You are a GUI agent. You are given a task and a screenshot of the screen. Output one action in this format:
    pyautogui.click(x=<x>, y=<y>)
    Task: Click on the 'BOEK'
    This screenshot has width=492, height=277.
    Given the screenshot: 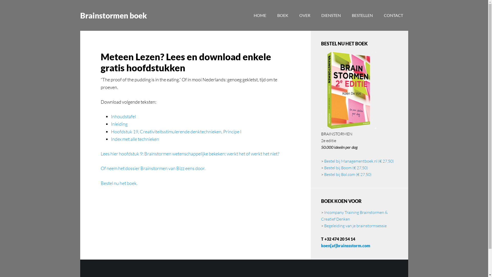 What is the action you would take?
    pyautogui.click(x=282, y=15)
    